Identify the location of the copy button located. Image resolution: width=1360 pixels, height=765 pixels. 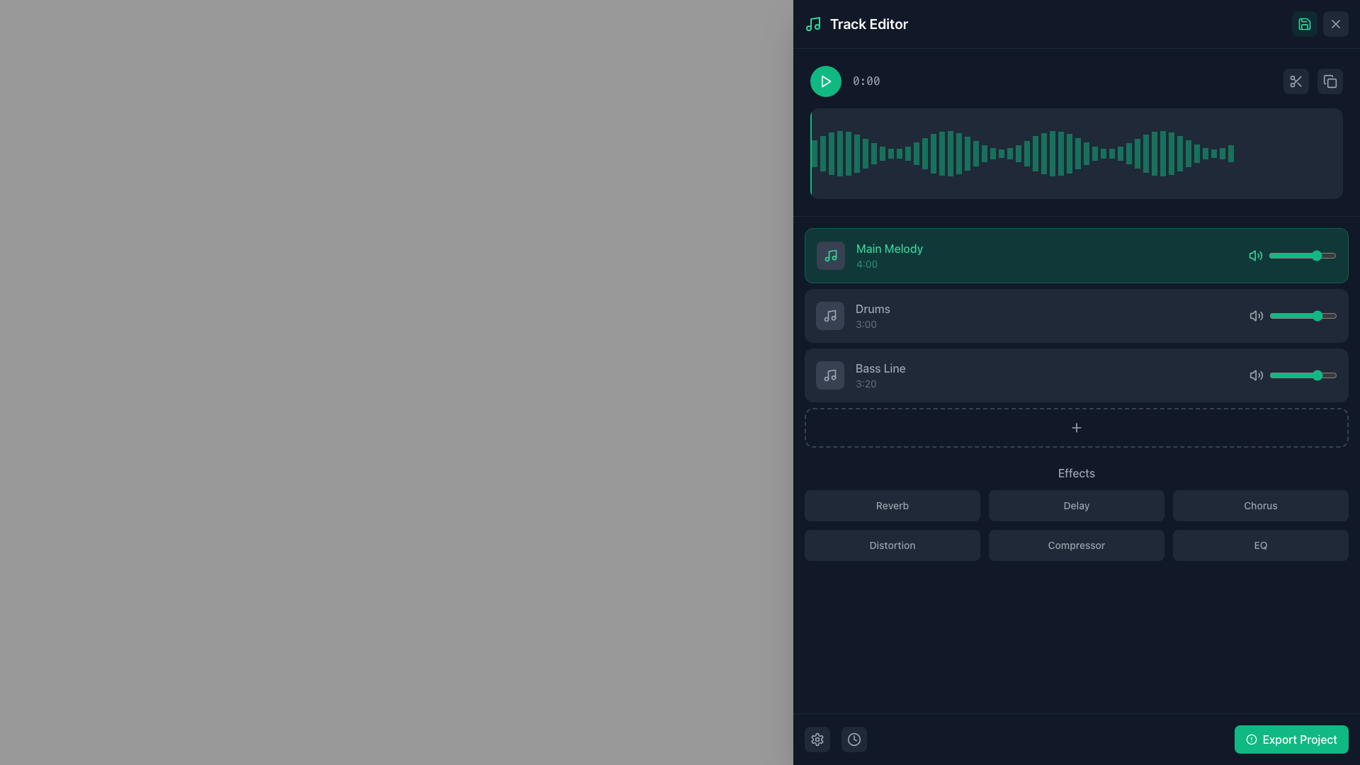
(1329, 81).